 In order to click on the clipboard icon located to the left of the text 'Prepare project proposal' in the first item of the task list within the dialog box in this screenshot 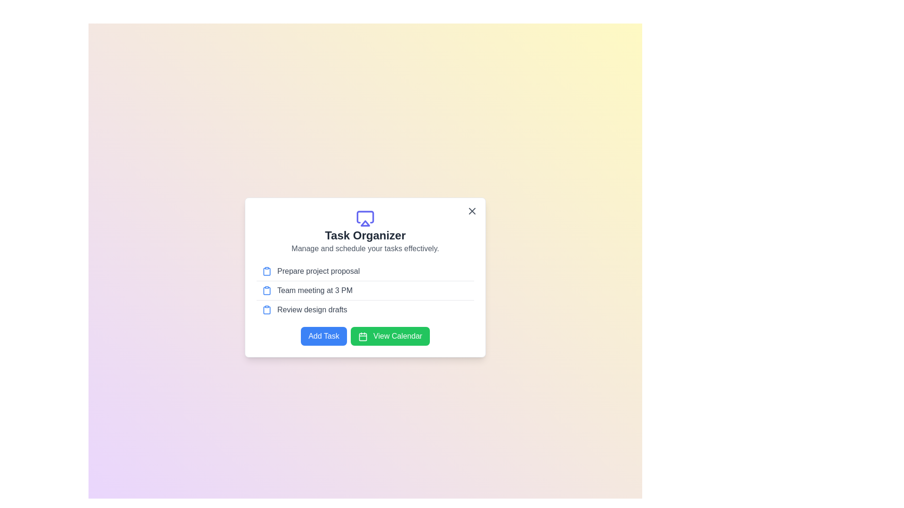, I will do `click(266, 271)`.